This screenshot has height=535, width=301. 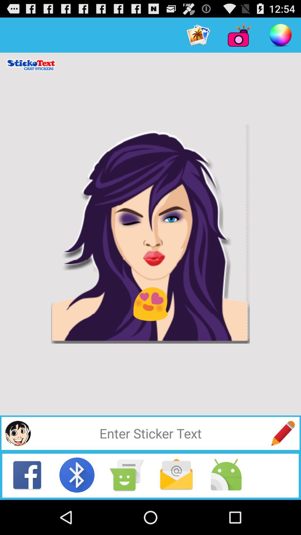 What do you see at coordinates (77, 475) in the screenshot?
I see `share via bluetooth` at bounding box center [77, 475].